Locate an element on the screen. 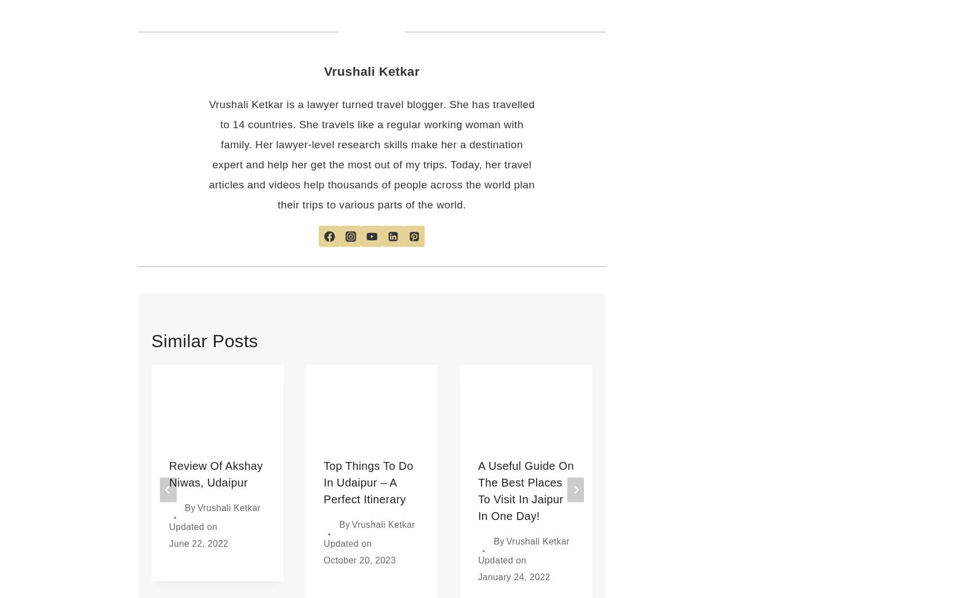 This screenshot has height=598, width=968. 'Review of Araliayas Resort, Udaipur' is located at coordinates (676, 482).